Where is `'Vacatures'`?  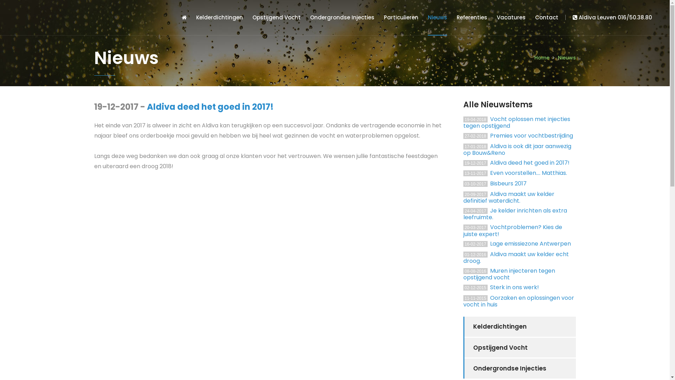
'Vacatures' is located at coordinates (511, 17).